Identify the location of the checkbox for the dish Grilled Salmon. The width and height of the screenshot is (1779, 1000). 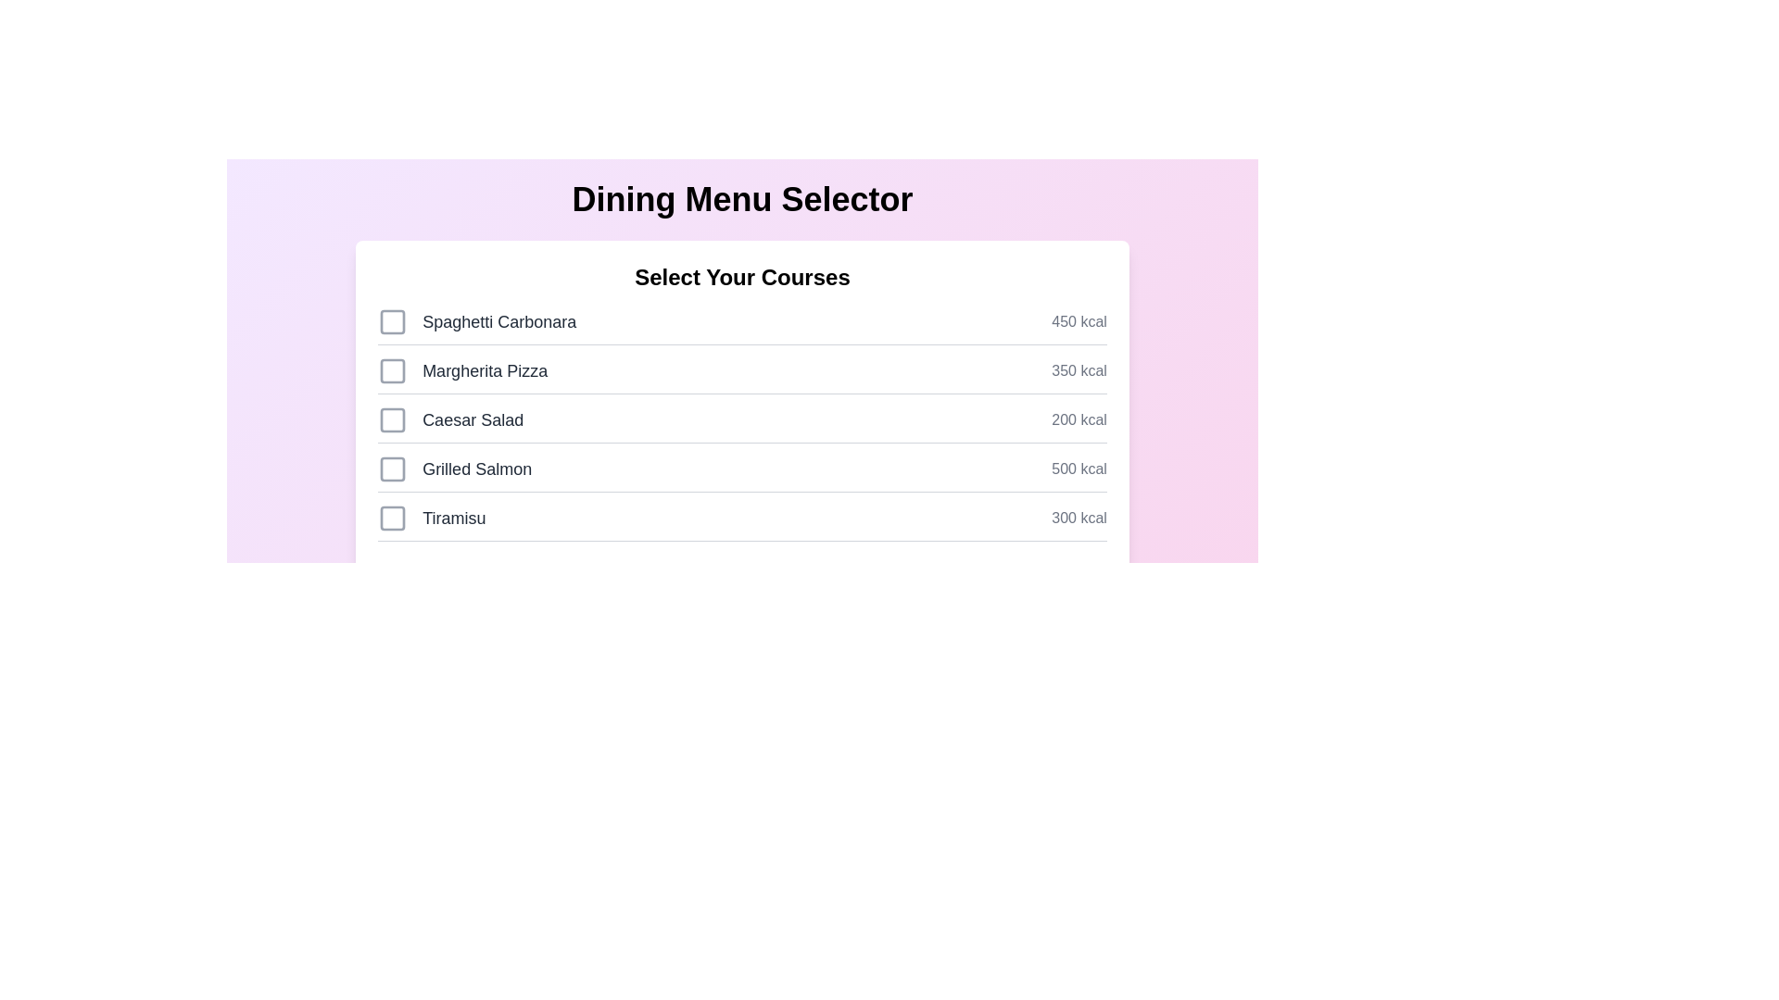
(392, 468).